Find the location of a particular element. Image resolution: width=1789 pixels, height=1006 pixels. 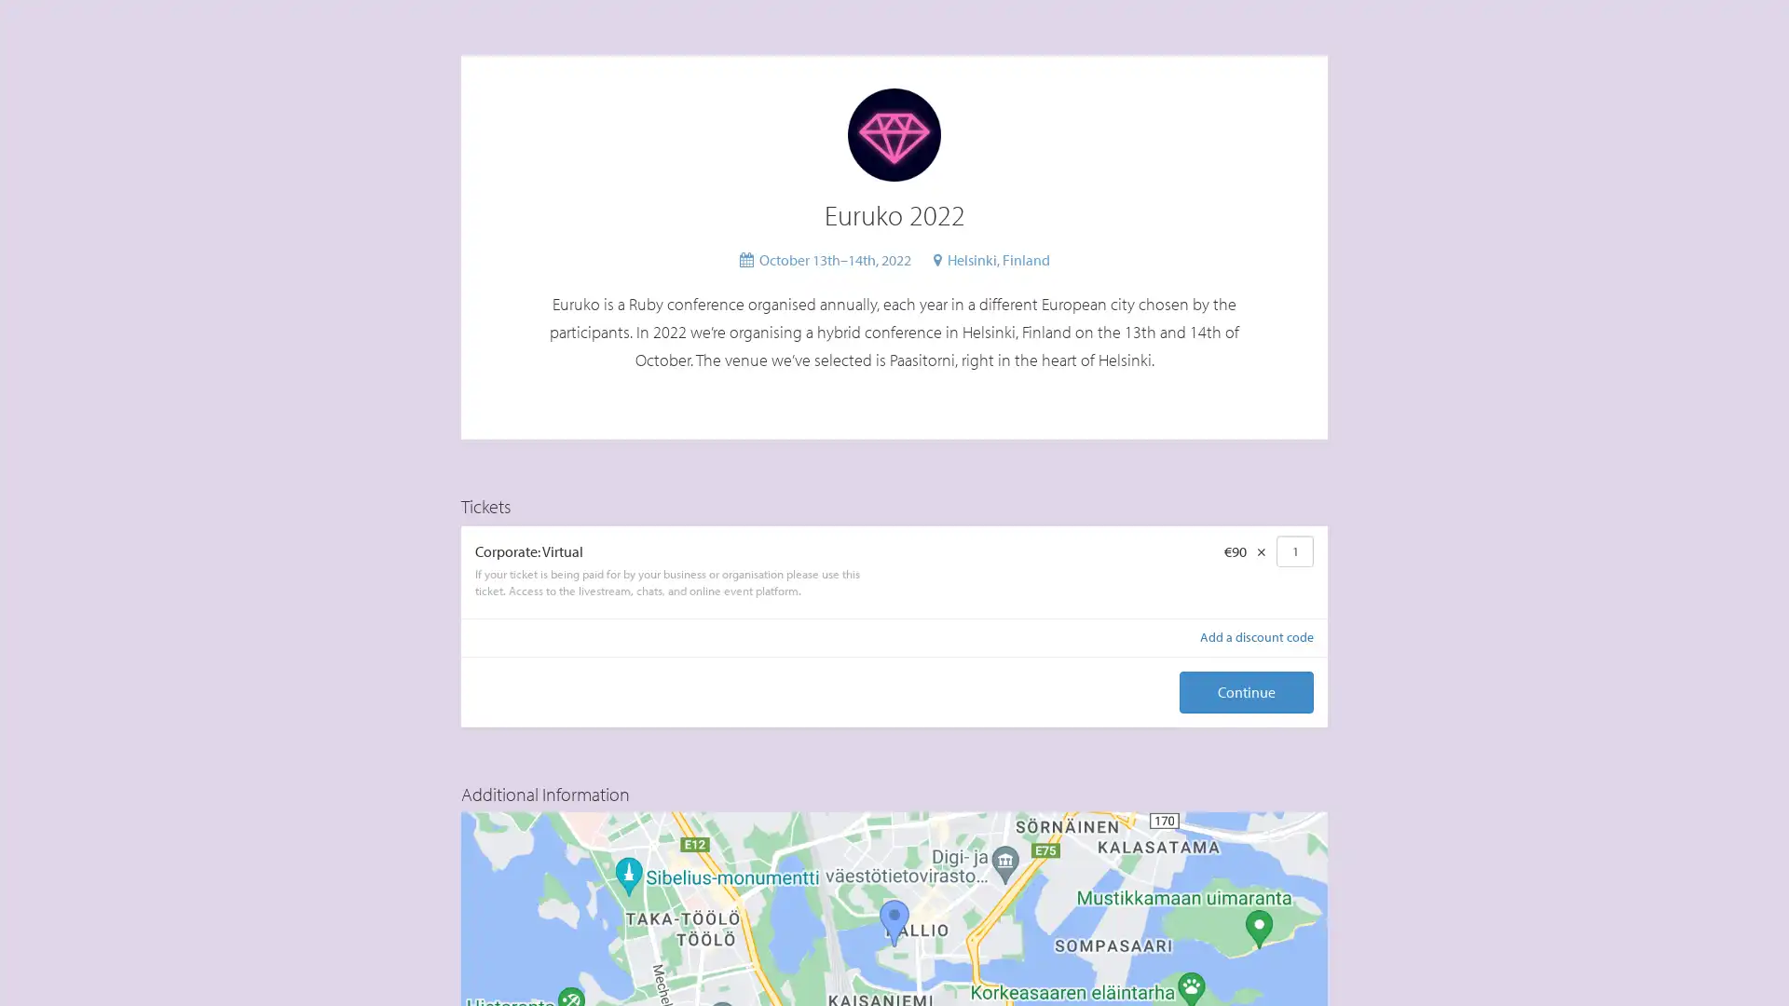

Continue is located at coordinates (1247, 692).